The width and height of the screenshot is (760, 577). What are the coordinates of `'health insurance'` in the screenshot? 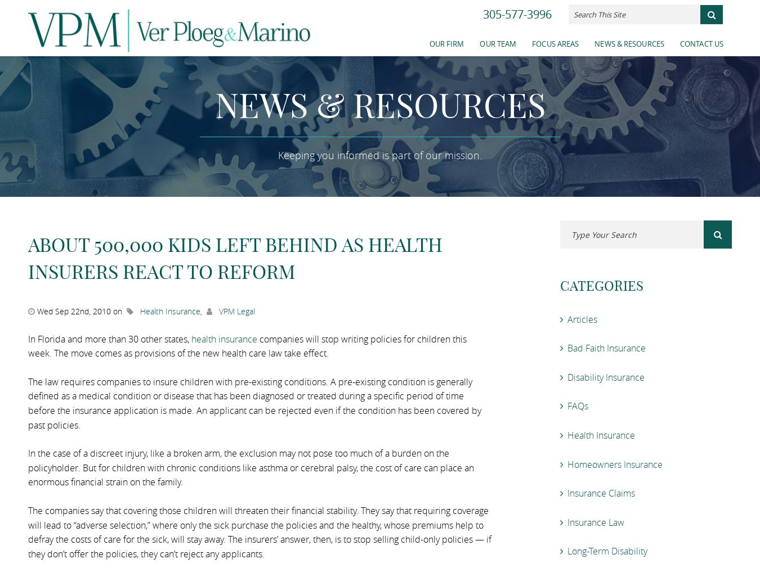 It's located at (224, 337).